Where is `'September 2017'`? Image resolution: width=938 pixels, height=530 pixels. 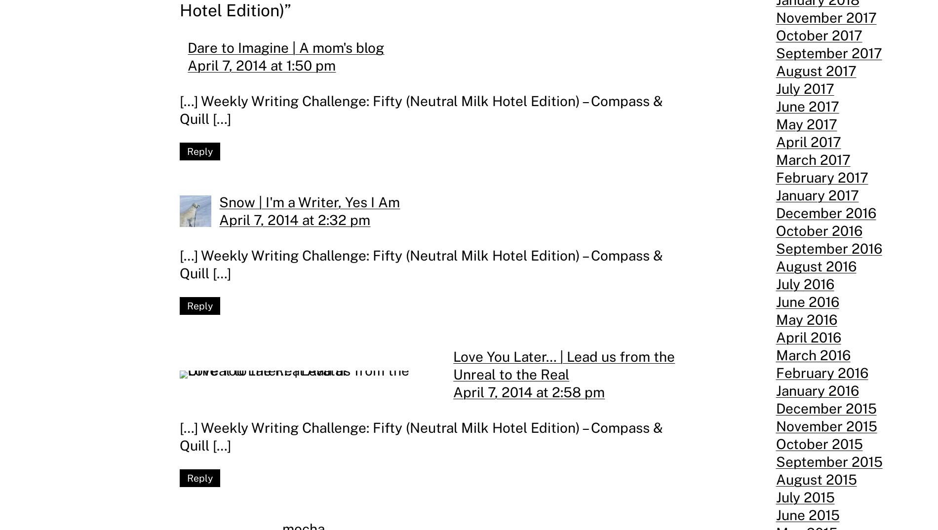 'September 2017' is located at coordinates (828, 53).